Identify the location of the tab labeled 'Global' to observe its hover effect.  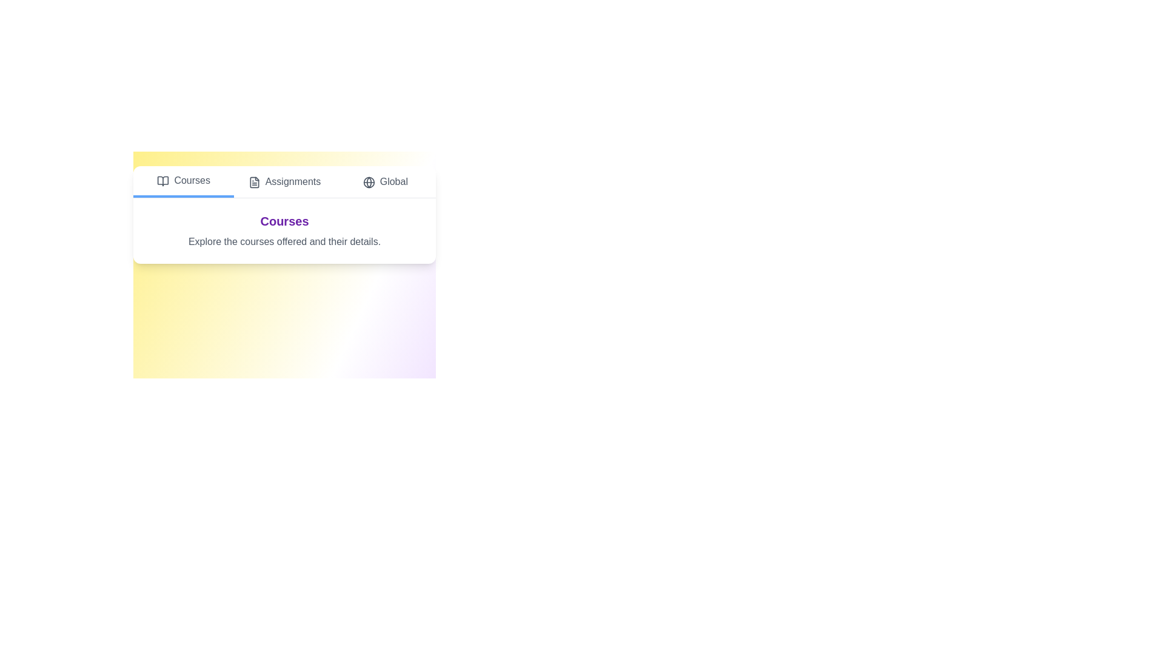
(384, 182).